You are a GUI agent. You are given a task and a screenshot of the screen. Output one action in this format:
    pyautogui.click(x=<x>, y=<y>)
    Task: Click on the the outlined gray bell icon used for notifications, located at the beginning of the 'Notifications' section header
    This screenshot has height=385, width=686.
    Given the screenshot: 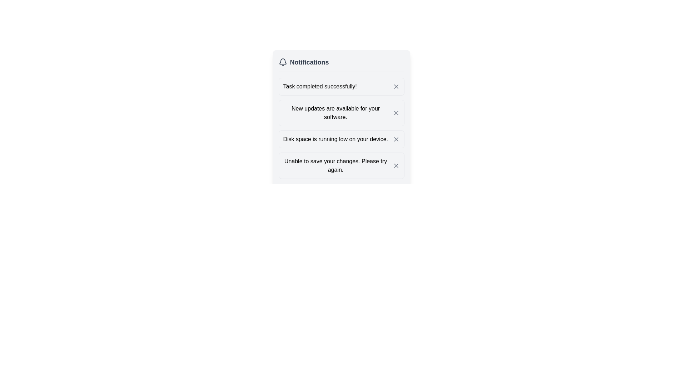 What is the action you would take?
    pyautogui.click(x=282, y=62)
    